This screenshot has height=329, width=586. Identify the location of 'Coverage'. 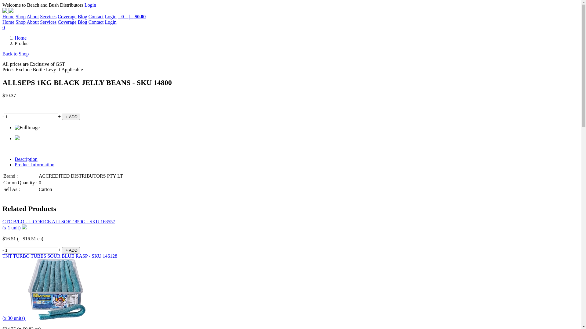
(57, 22).